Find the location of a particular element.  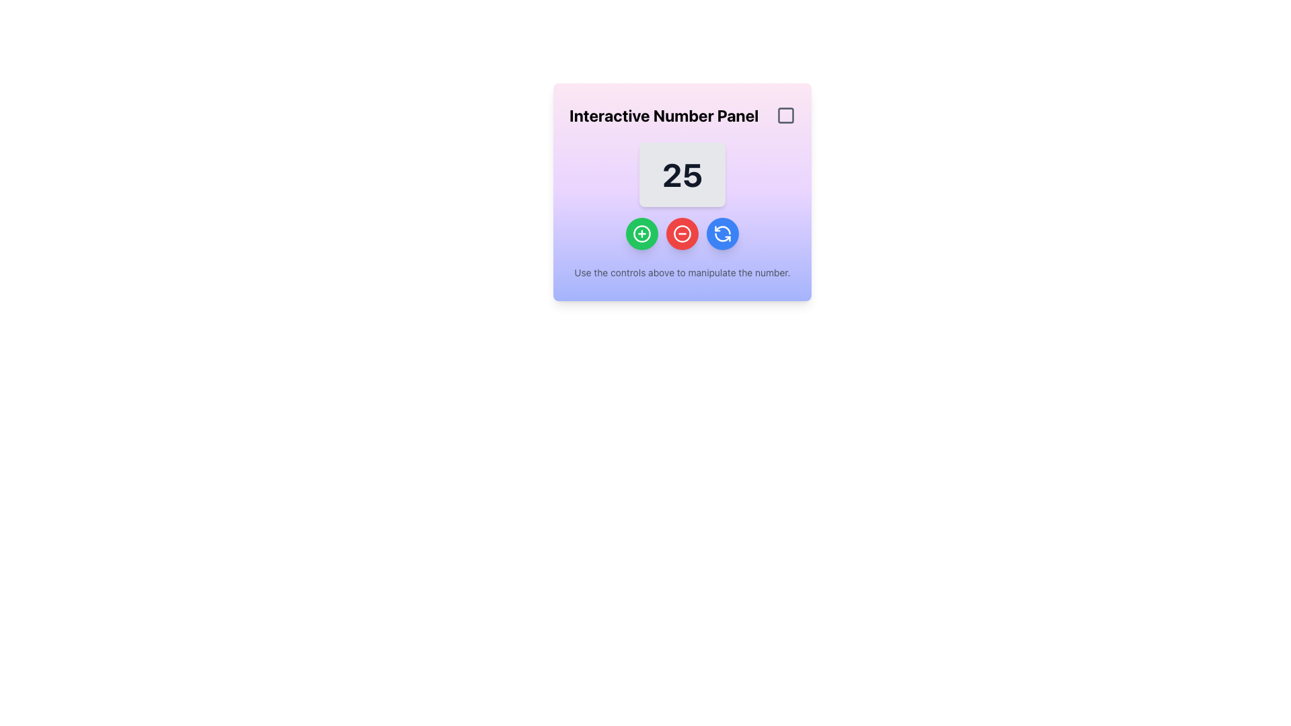

the button group located beneath the number display, which allows for addition, subtraction, and resetting functions is located at coordinates (682, 233).